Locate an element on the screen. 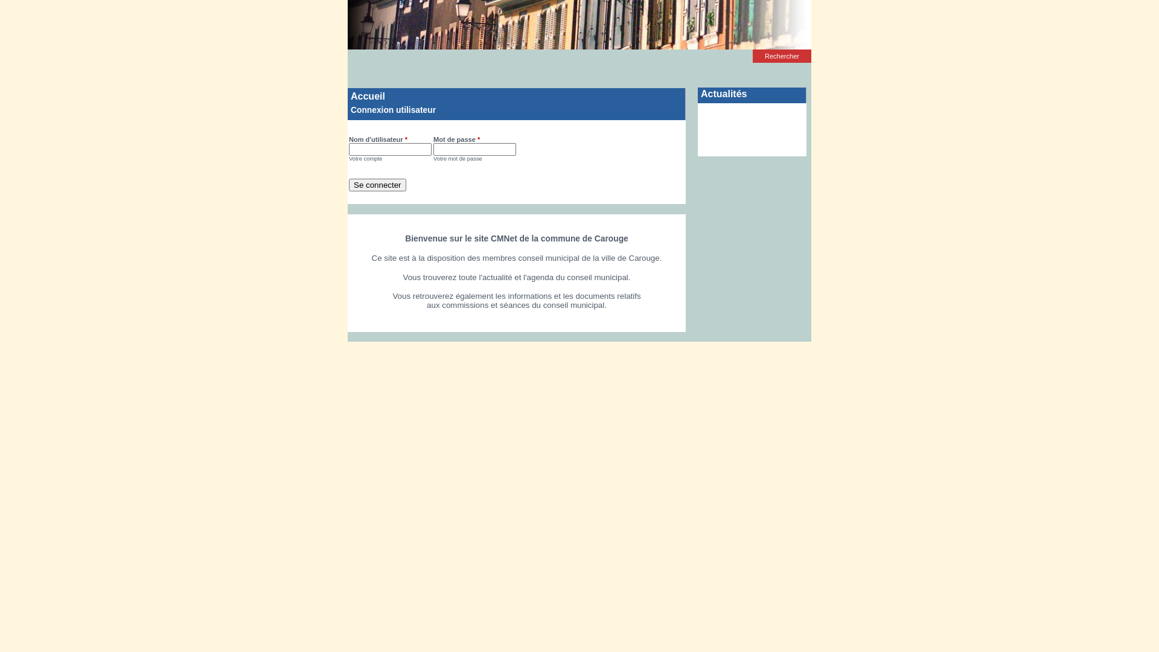 The width and height of the screenshot is (1159, 652). 'Rechercher' is located at coordinates (782, 56).